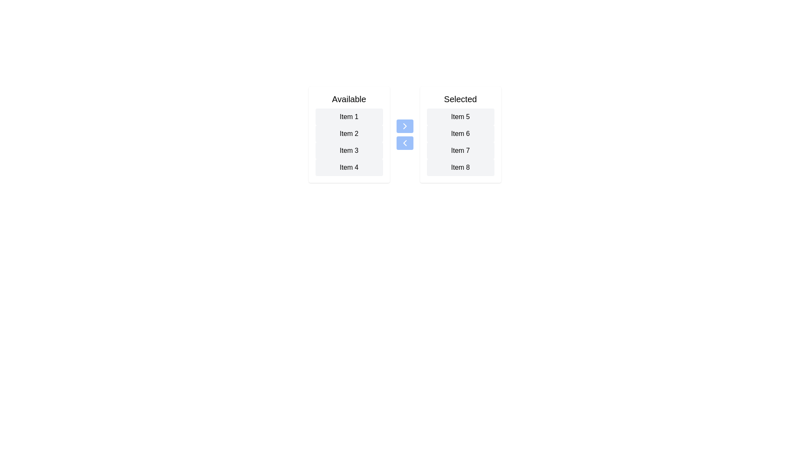 This screenshot has width=810, height=456. What do you see at coordinates (460, 150) in the screenshot?
I see `the third item` at bounding box center [460, 150].